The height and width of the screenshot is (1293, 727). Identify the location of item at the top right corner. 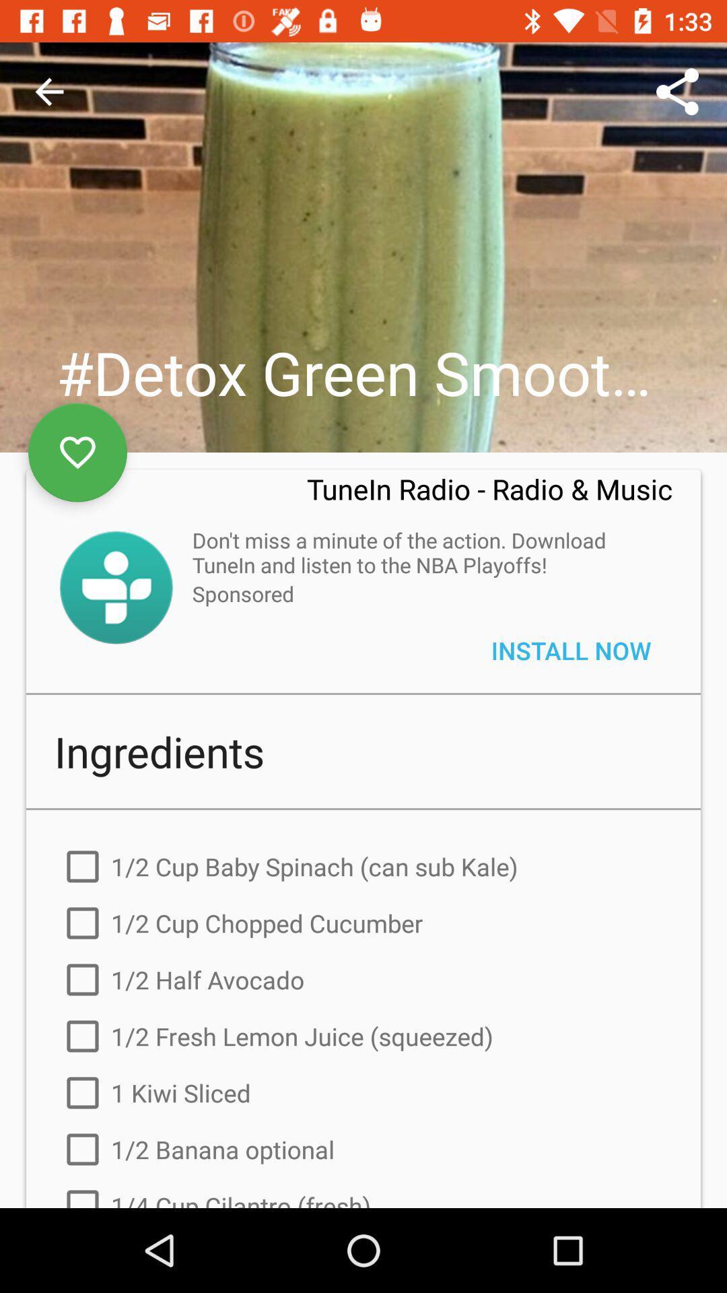
(677, 91).